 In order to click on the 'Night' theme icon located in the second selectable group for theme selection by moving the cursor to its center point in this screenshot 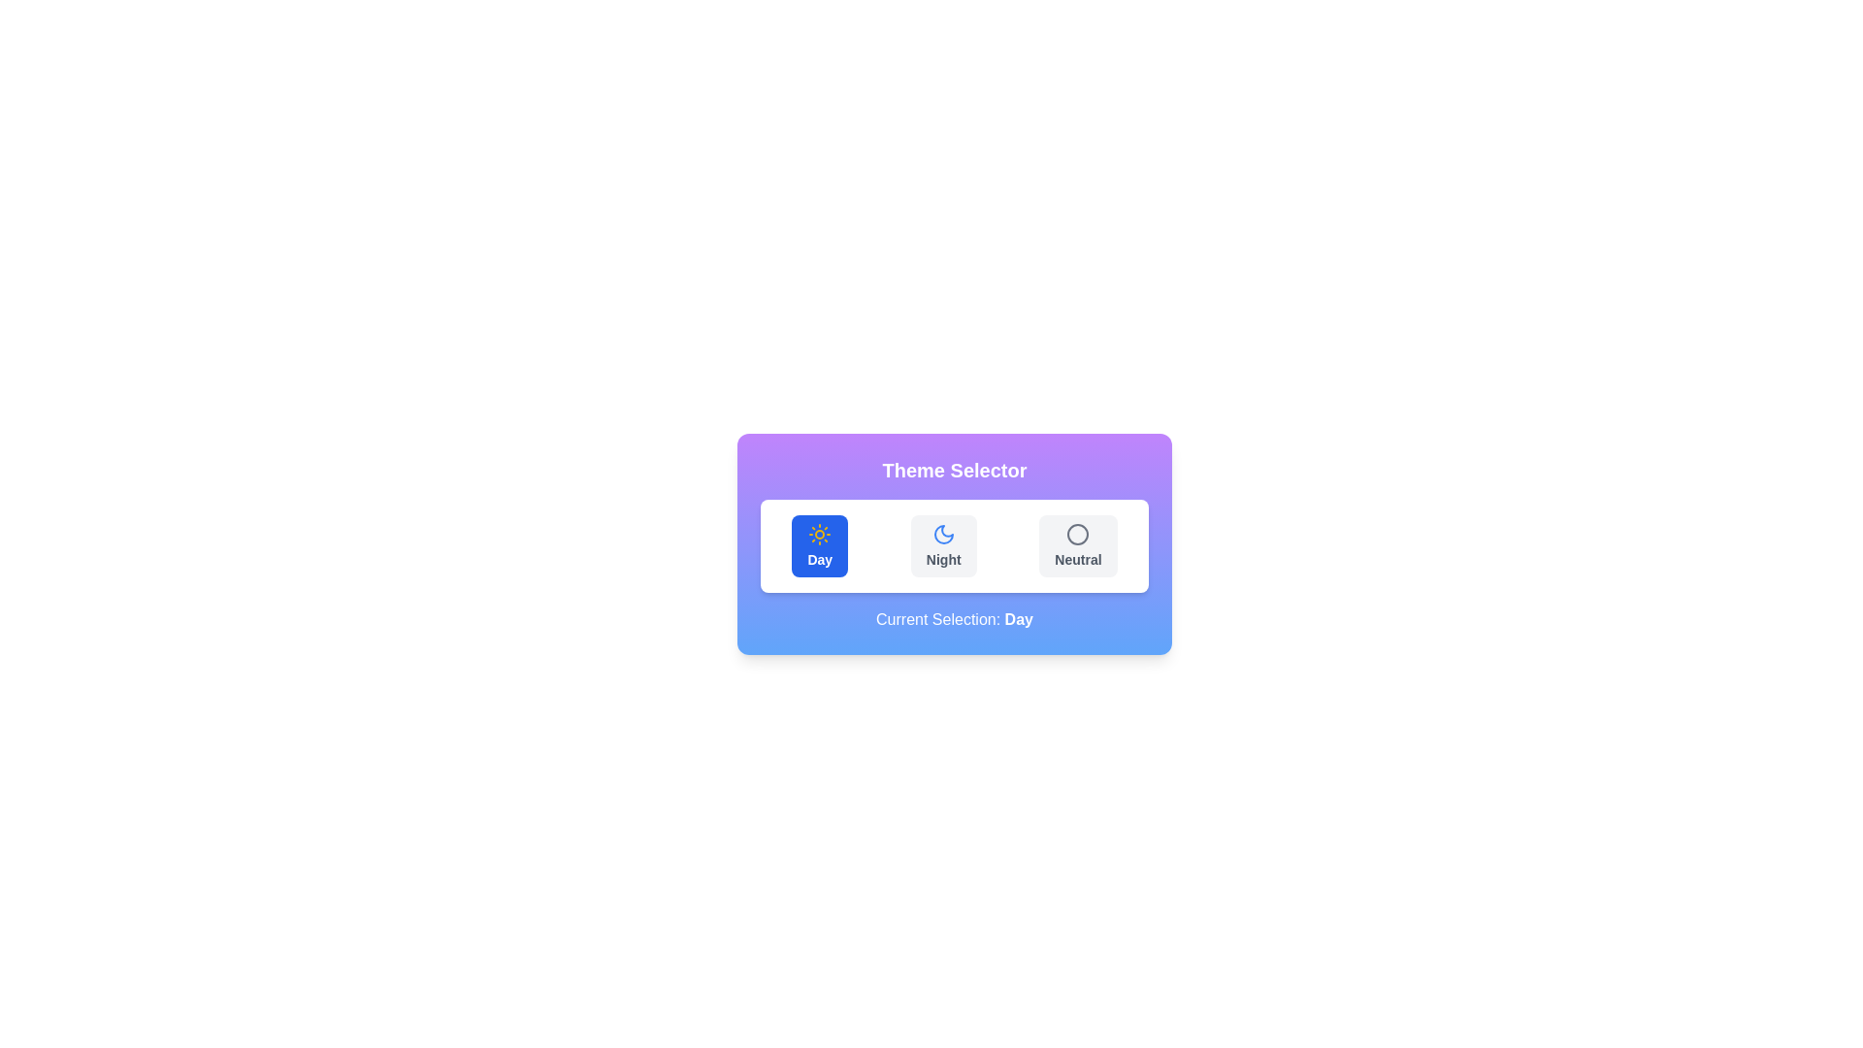, I will do `click(943, 535)`.